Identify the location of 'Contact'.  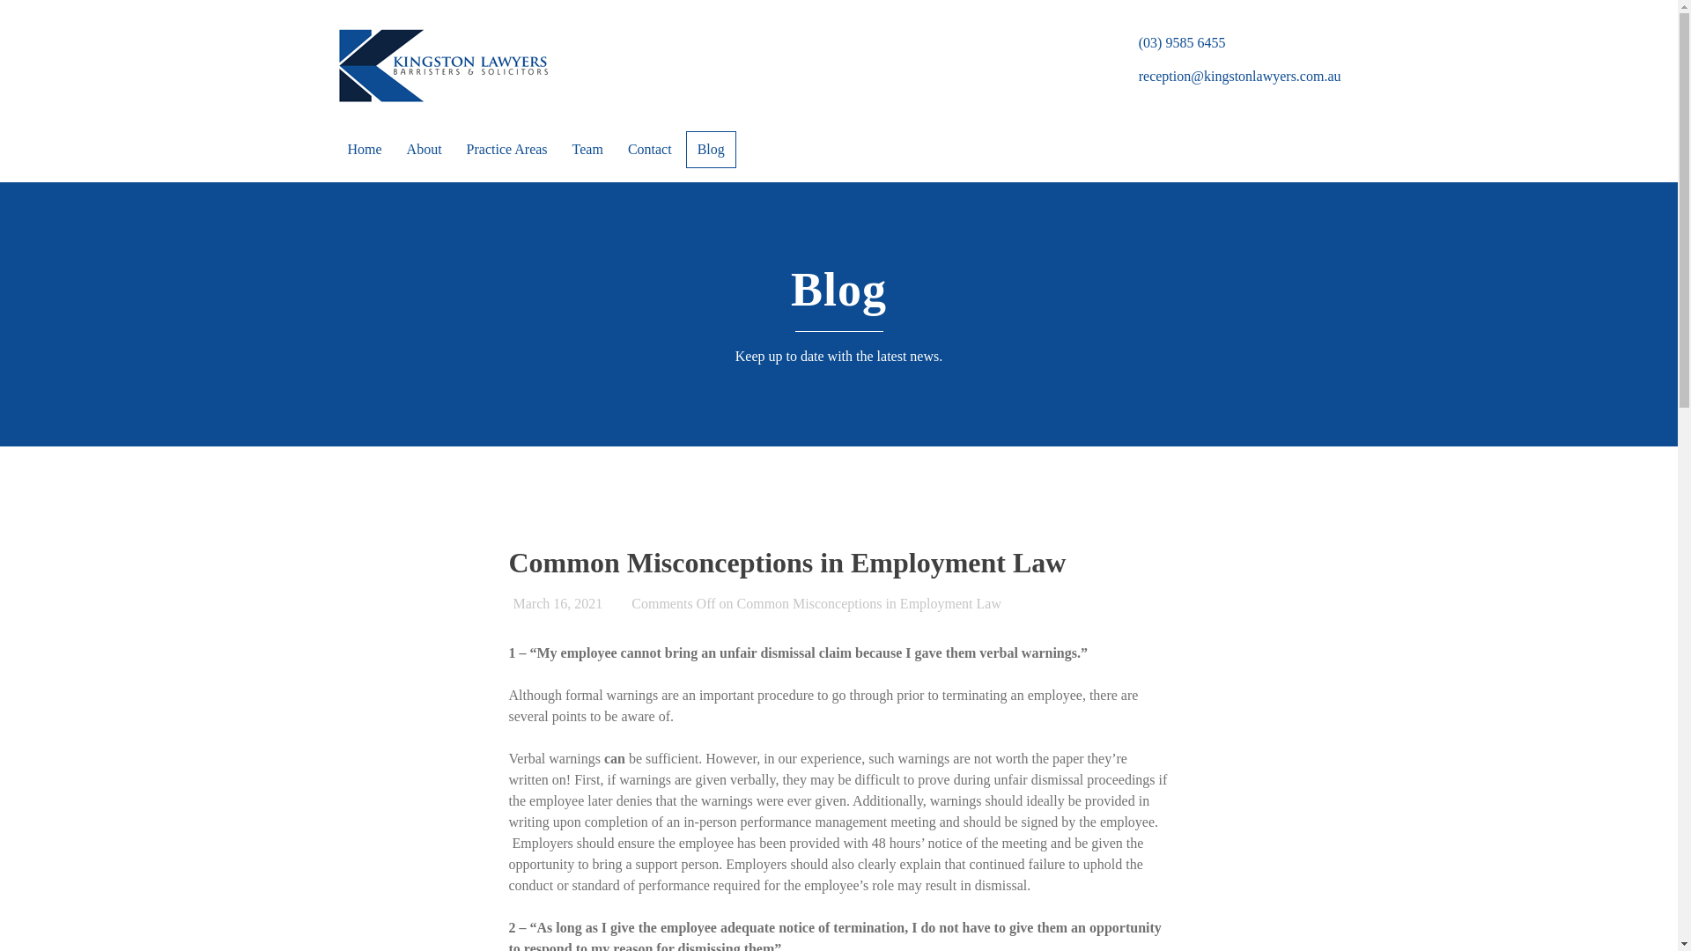
(649, 148).